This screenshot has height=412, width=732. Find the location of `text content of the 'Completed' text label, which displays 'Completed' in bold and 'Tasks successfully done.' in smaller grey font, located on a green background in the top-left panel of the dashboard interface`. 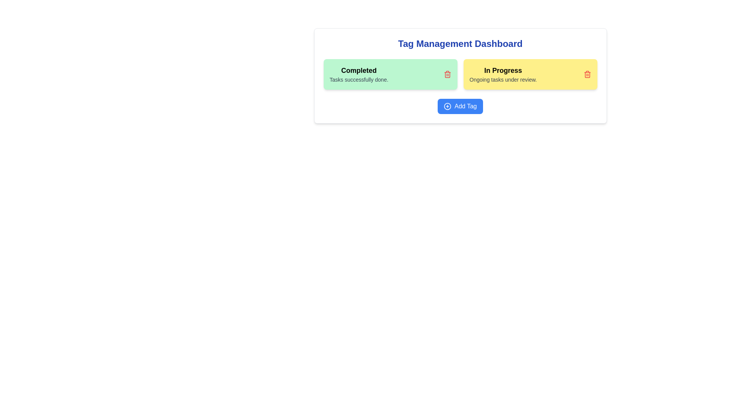

text content of the 'Completed' text label, which displays 'Completed' in bold and 'Tasks successfully done.' in smaller grey font, located on a green background in the top-left panel of the dashboard interface is located at coordinates (358, 74).